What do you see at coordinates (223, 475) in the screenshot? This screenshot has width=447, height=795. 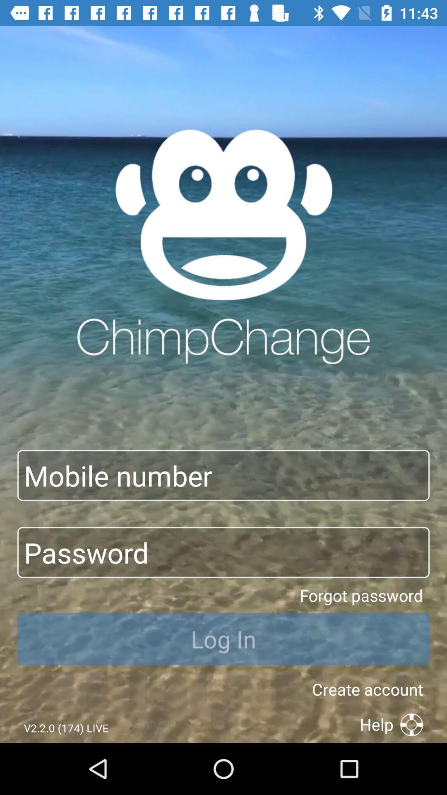 I see `records mobile number` at bounding box center [223, 475].